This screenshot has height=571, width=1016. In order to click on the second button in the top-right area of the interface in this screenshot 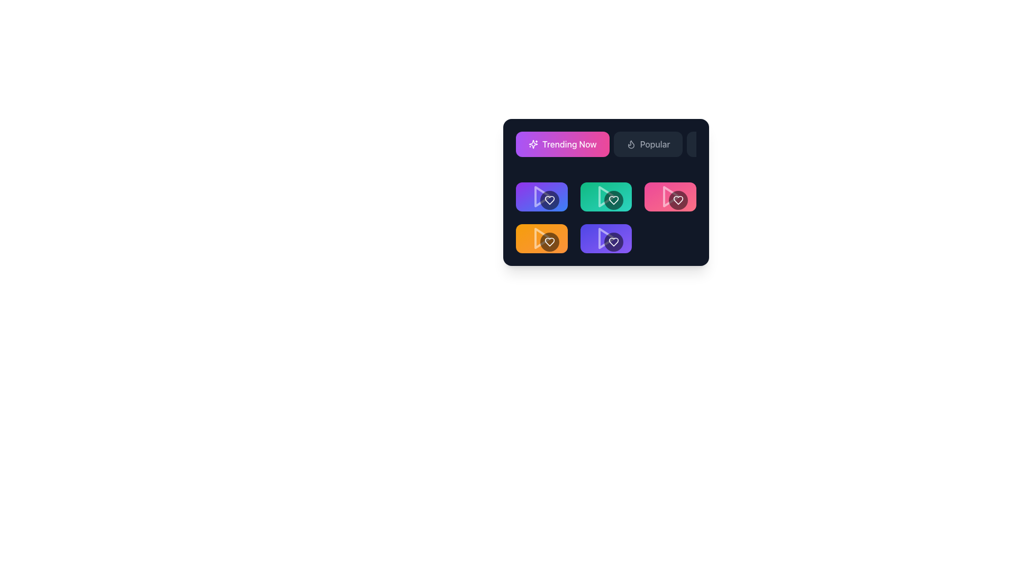, I will do `click(659, 192)`.